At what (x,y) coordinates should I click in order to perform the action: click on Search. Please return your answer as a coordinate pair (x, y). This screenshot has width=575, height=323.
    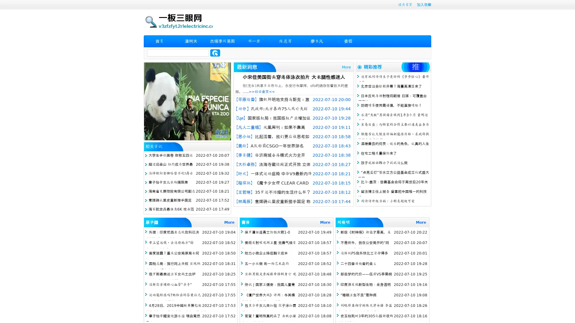
    Looking at the image, I should click on (215, 53).